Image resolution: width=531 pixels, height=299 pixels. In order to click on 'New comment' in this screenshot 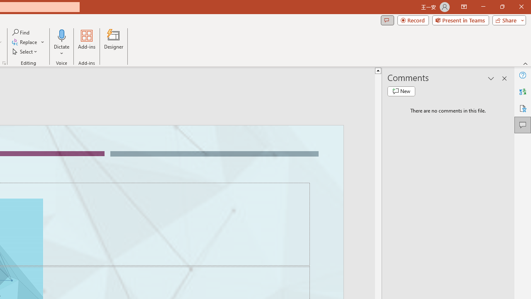, I will do `click(401, 91)`.